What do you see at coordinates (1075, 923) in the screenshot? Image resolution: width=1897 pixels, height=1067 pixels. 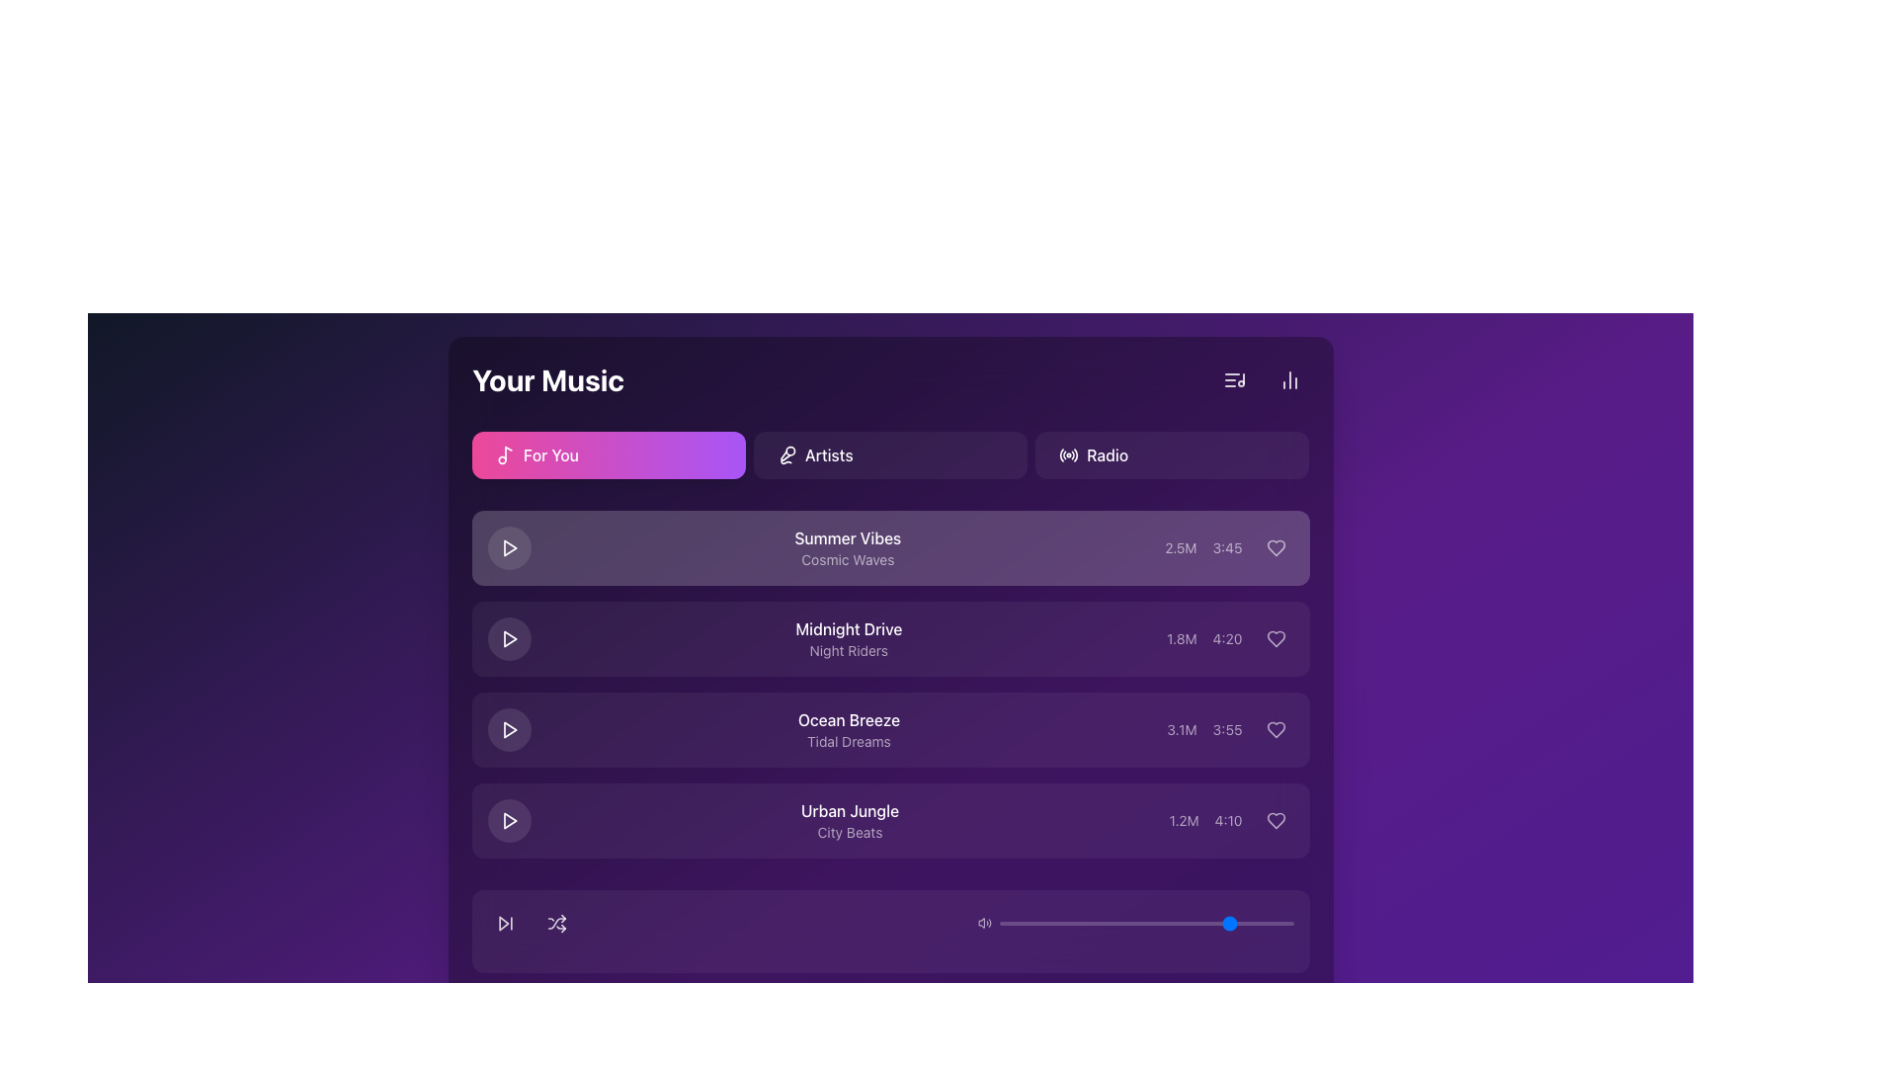 I see `the slider` at bounding box center [1075, 923].